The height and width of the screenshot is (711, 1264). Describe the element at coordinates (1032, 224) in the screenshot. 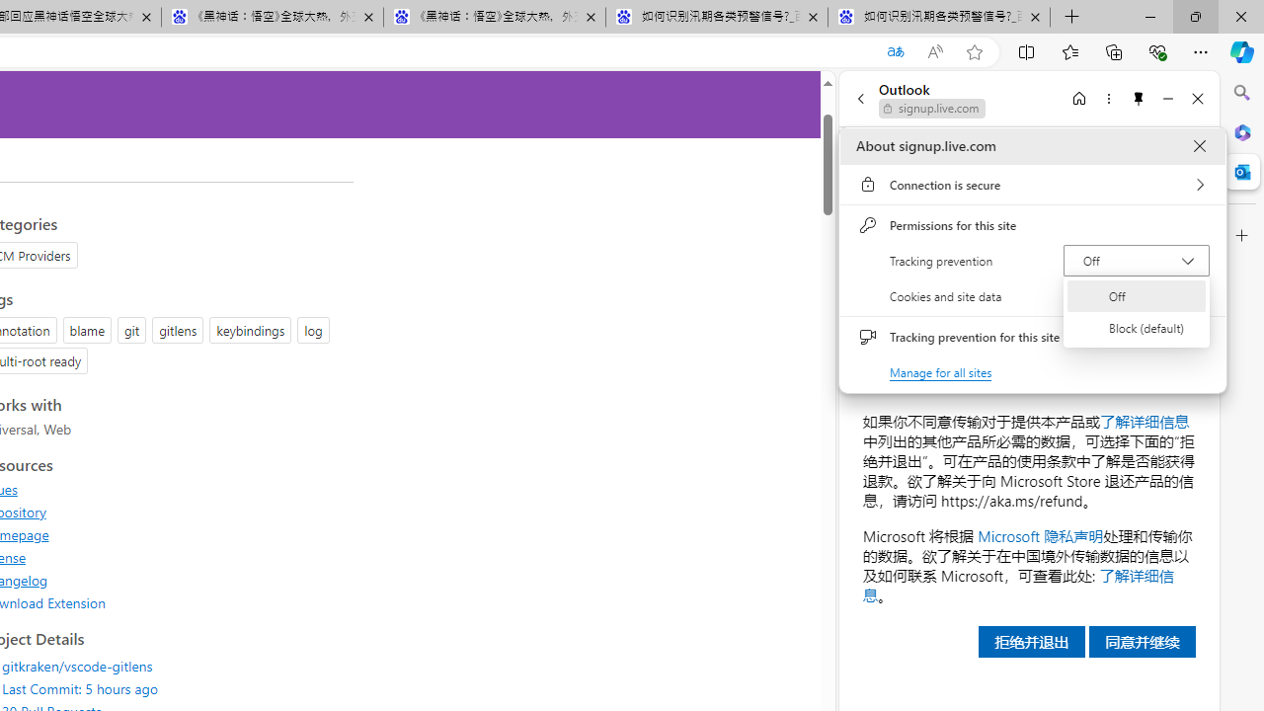

I see `'Permissions for this site'` at that location.